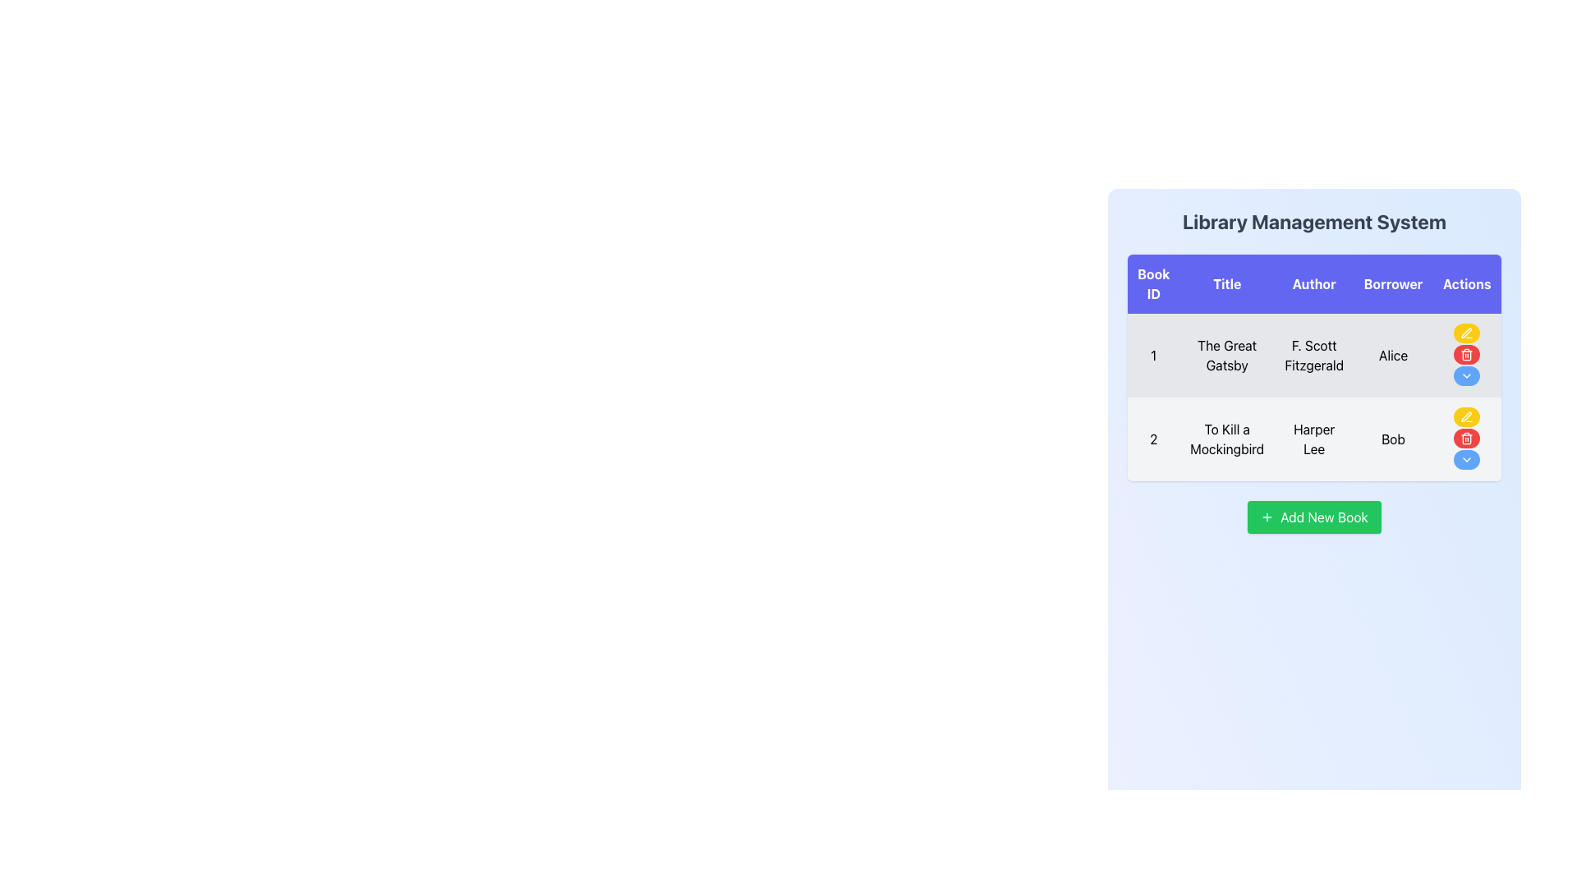  What do you see at coordinates (1467, 439) in the screenshot?
I see `the trash bin icon button located in the second row of the 'Actions' column in the table` at bounding box center [1467, 439].